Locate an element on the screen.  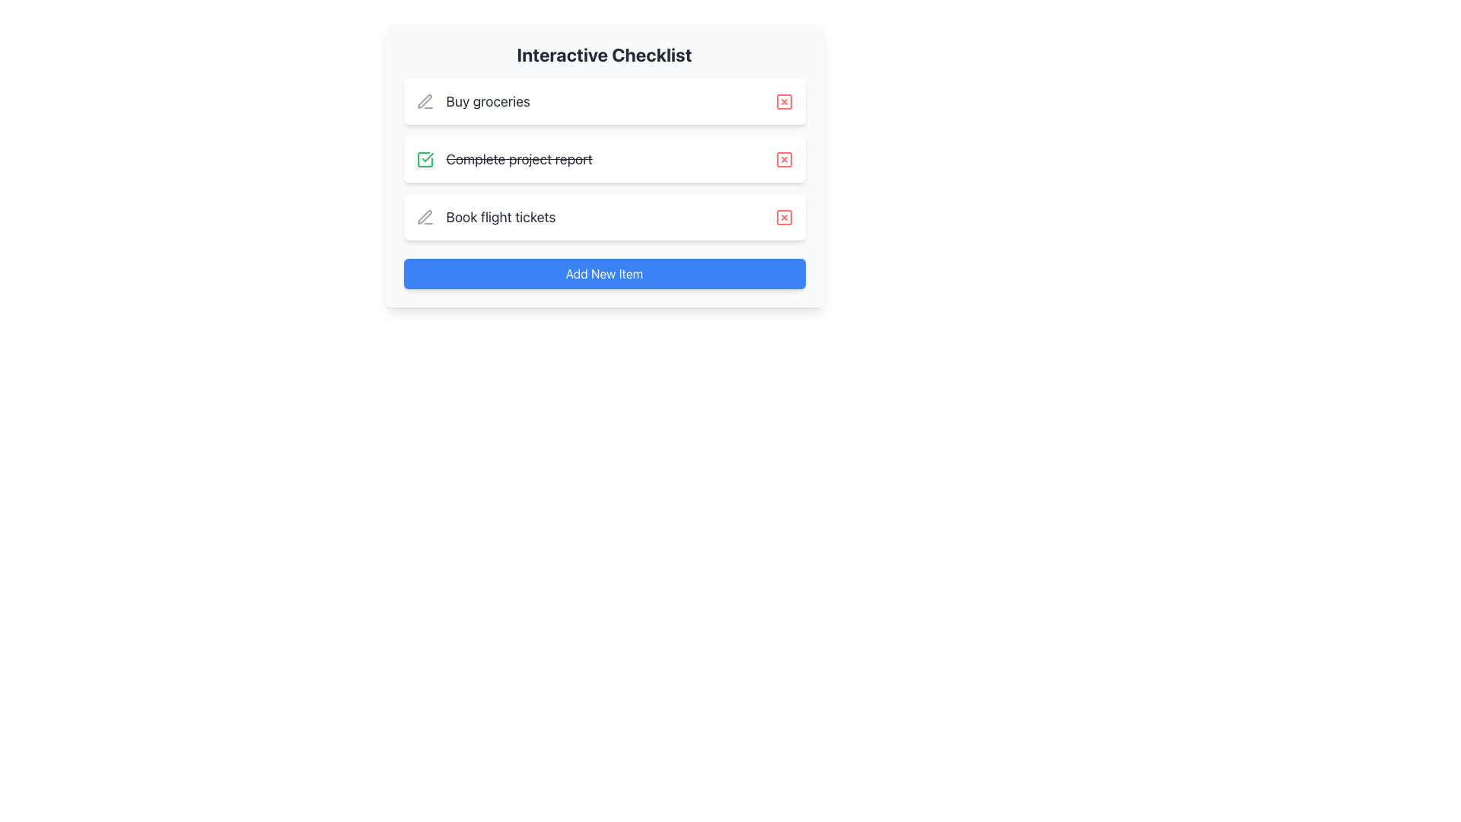
the SVG shape that serves as the deletion button for the checklist item 'Book flight tickets', located to the far right of the item is located at coordinates (784, 217).